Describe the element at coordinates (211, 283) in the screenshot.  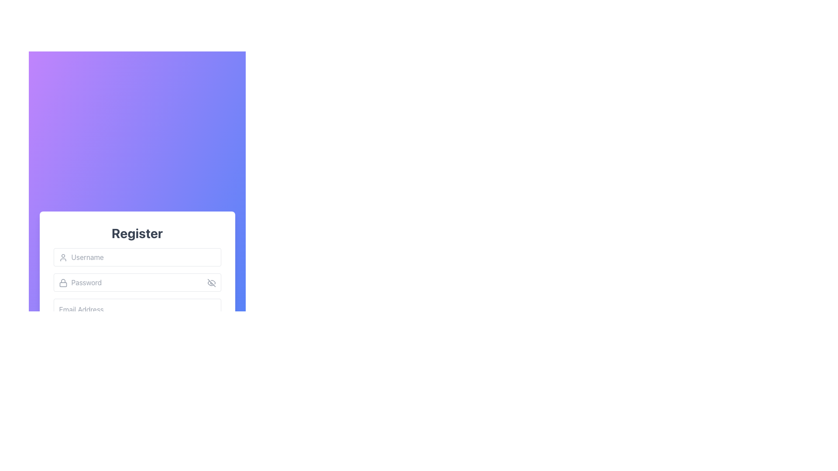
I see `the eye icon with a slashed line across it, which is the visibility toggle button located at the bottom-right corner of the password input field` at that location.